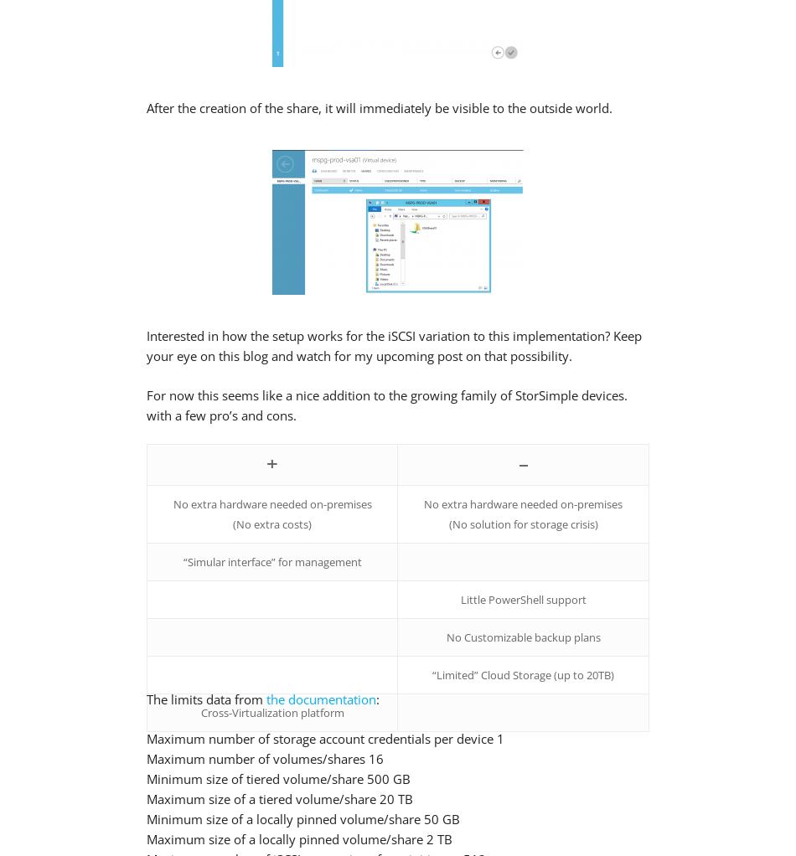  I want to click on '(No solution for storage crisis)', so click(522, 523).